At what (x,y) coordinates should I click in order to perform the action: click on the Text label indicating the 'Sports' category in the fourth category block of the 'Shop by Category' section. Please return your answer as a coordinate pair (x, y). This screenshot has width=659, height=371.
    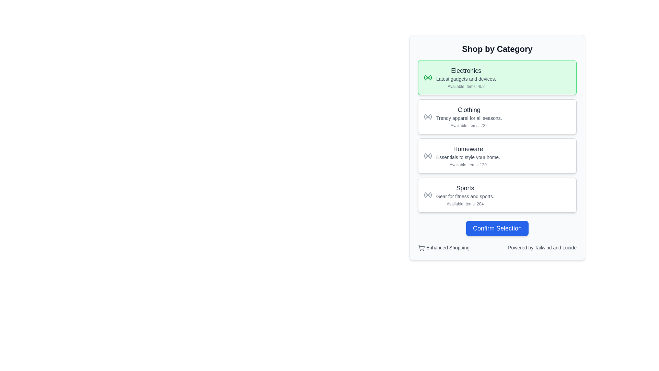
    Looking at the image, I should click on (465, 188).